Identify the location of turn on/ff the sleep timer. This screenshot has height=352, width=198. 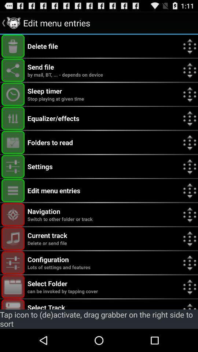
(13, 94).